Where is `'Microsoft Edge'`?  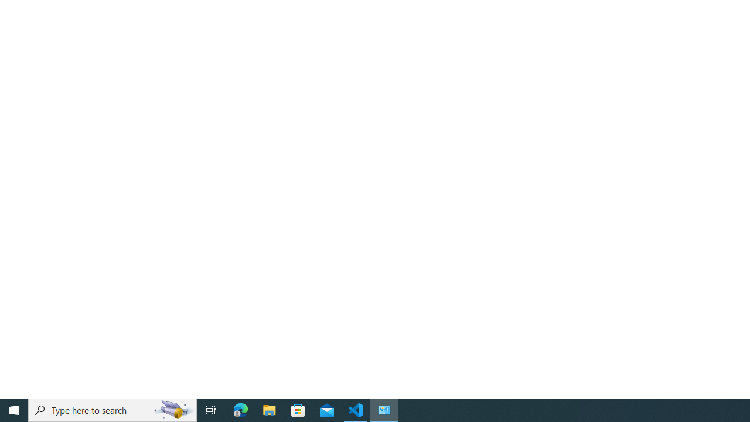 'Microsoft Edge' is located at coordinates (240, 409).